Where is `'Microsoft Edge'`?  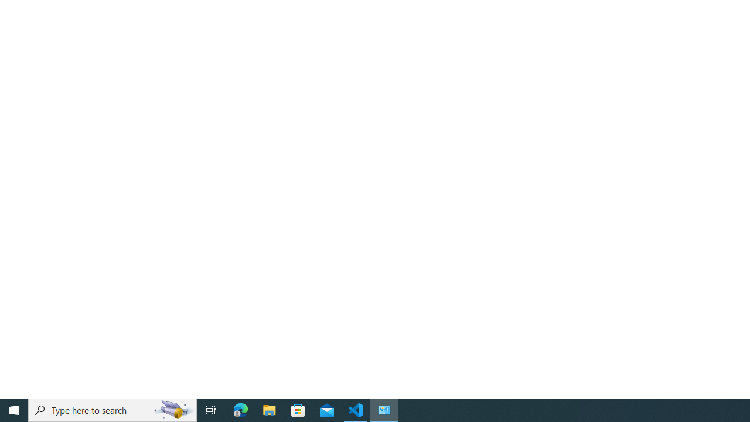 'Microsoft Edge' is located at coordinates (240, 409).